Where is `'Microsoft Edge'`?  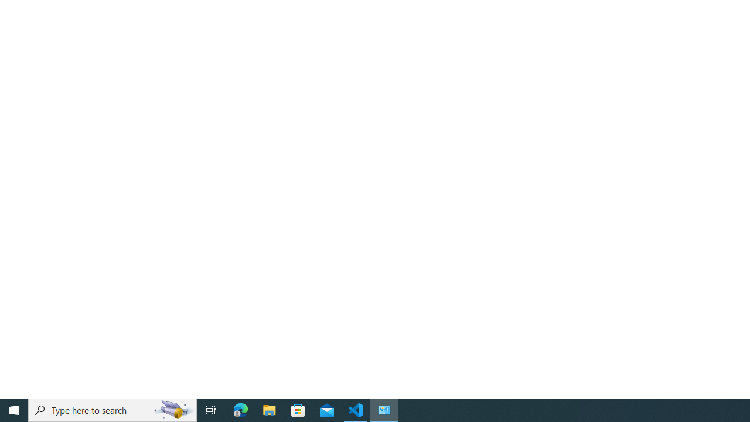 'Microsoft Edge' is located at coordinates (240, 409).